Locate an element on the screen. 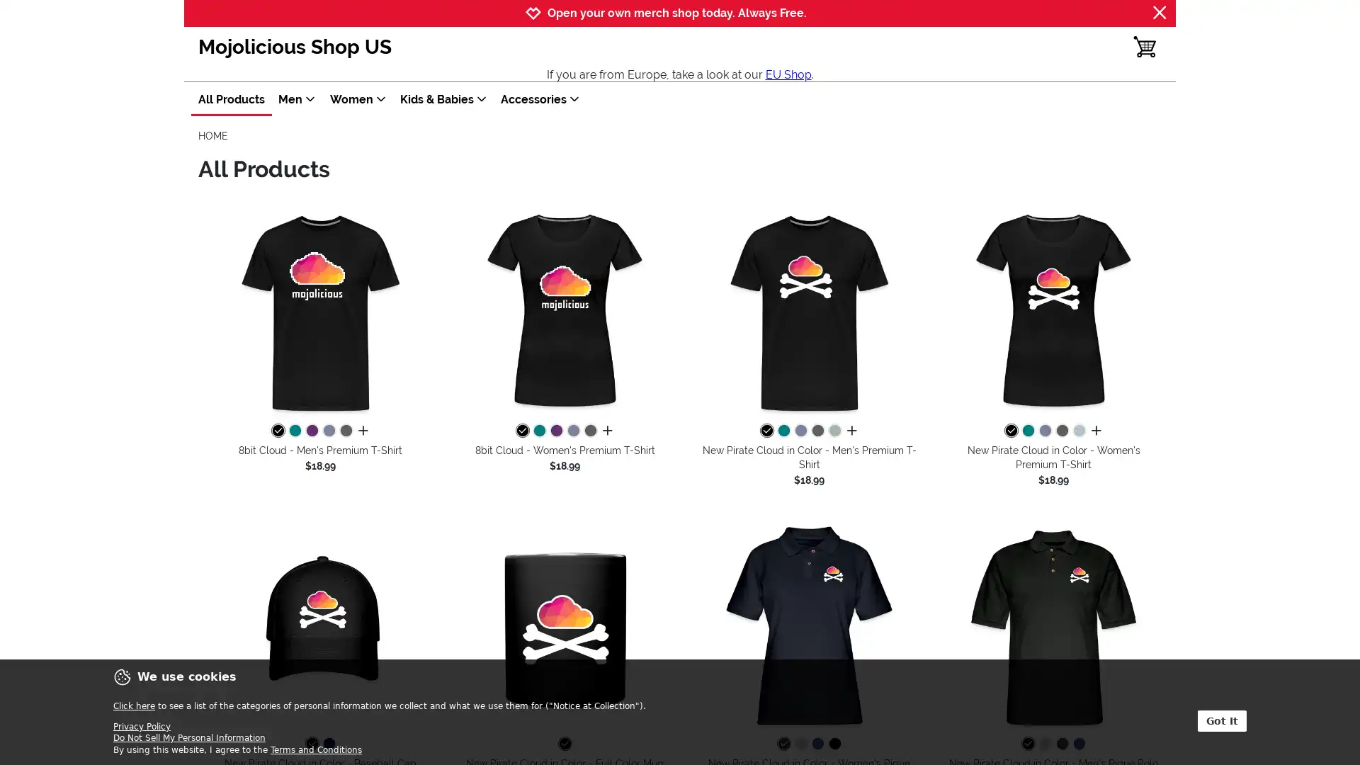 This screenshot has height=765, width=1360. midnight navy is located at coordinates (782, 744).